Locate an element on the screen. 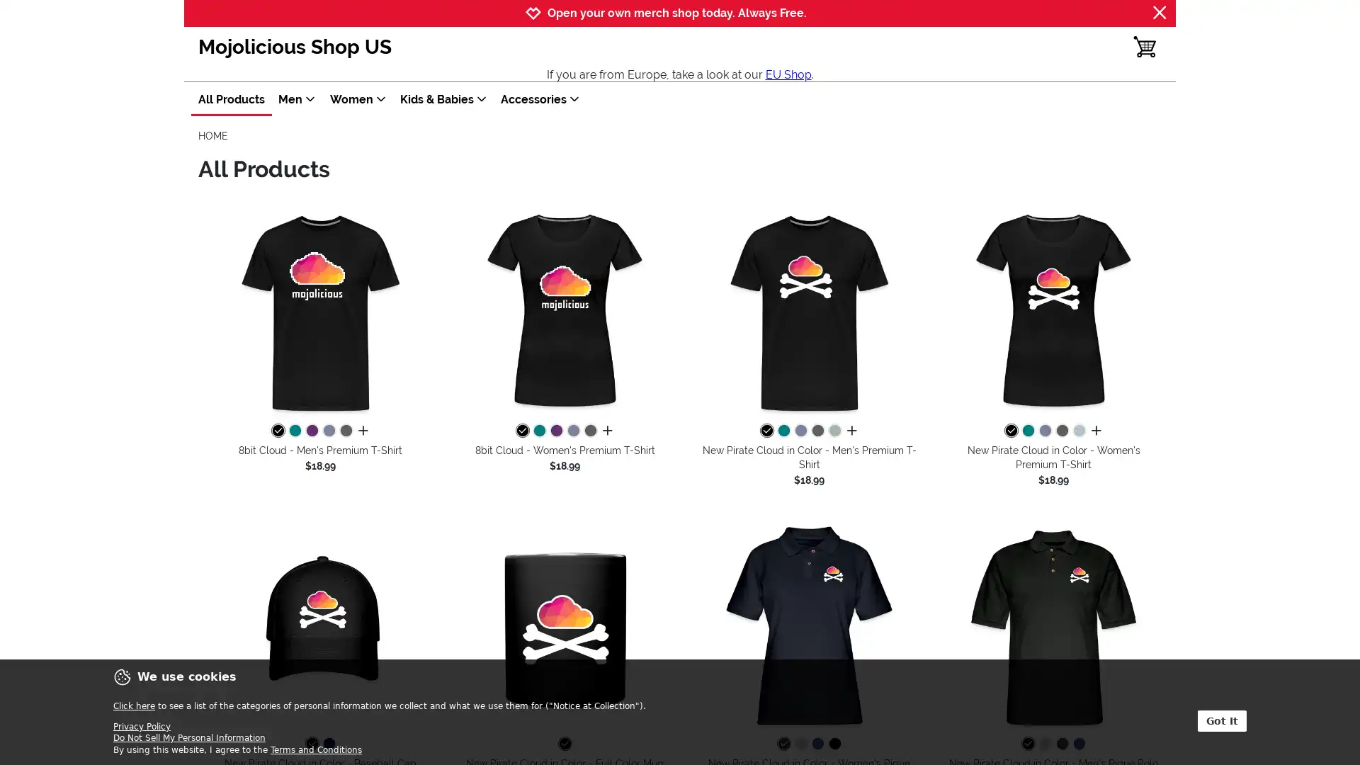 This screenshot has height=765, width=1360. midnight navy is located at coordinates (782, 744).